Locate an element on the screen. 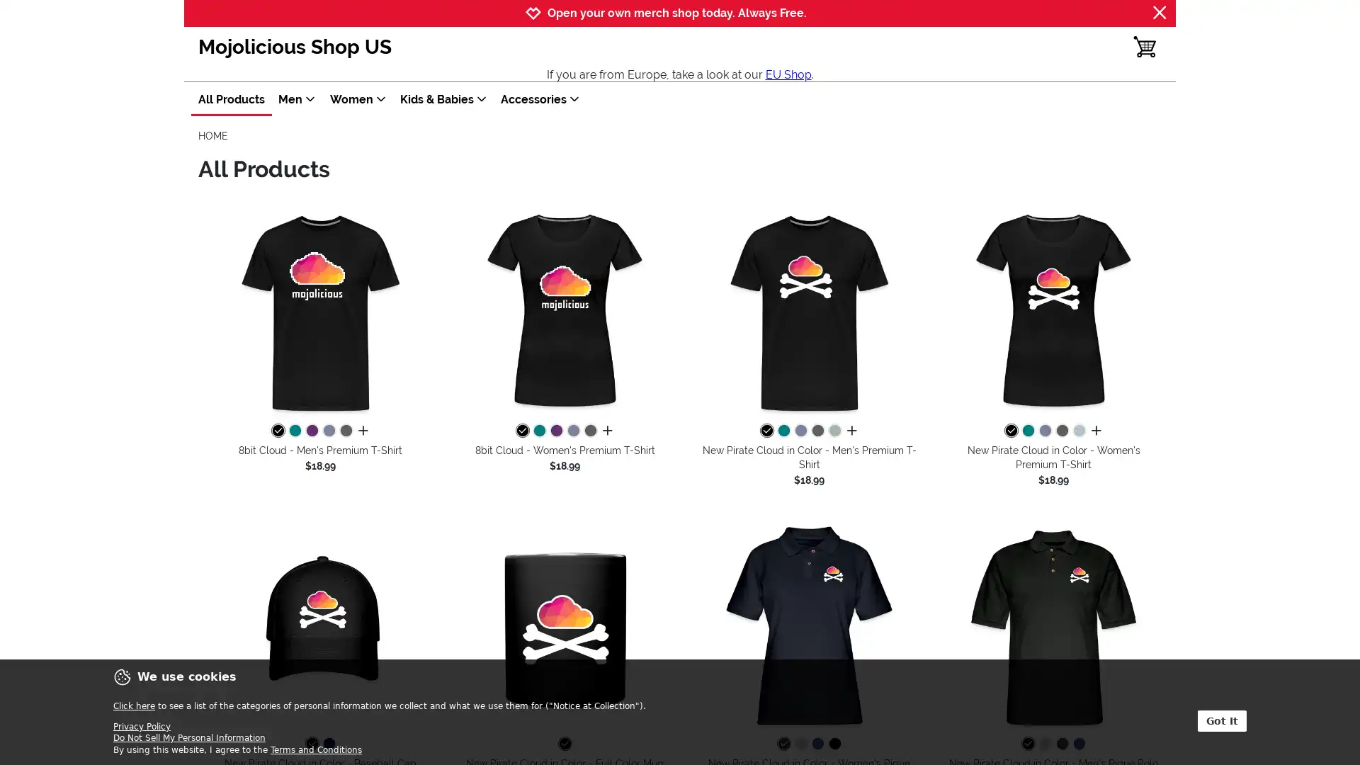 This screenshot has height=765, width=1360. midnight navy is located at coordinates (782, 744).